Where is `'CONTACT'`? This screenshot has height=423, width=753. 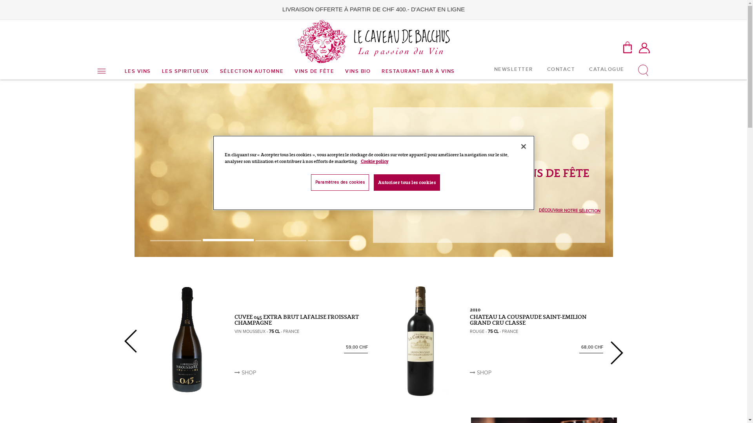 'CONTACT' is located at coordinates (560, 69).